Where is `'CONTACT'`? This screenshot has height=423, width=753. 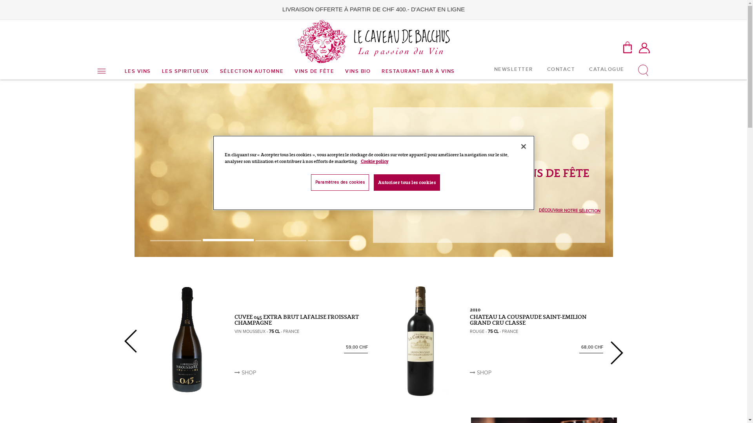 'CONTACT' is located at coordinates (560, 69).